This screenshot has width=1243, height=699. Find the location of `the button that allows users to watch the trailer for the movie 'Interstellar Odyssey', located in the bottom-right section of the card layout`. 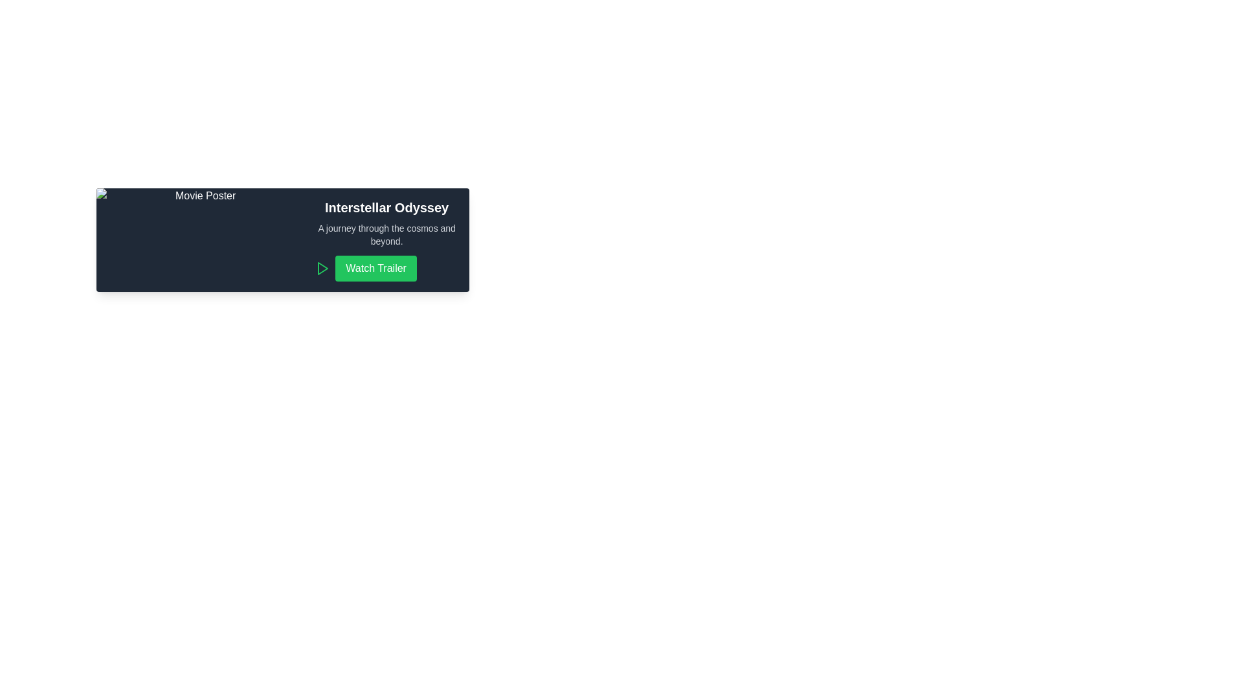

the button that allows users to watch the trailer for the movie 'Interstellar Odyssey', located in the bottom-right section of the card layout is located at coordinates (375, 268).